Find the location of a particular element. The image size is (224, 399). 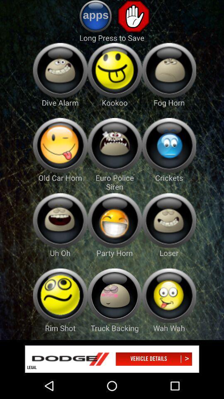

the dive alarm emoji is located at coordinates (60, 70).